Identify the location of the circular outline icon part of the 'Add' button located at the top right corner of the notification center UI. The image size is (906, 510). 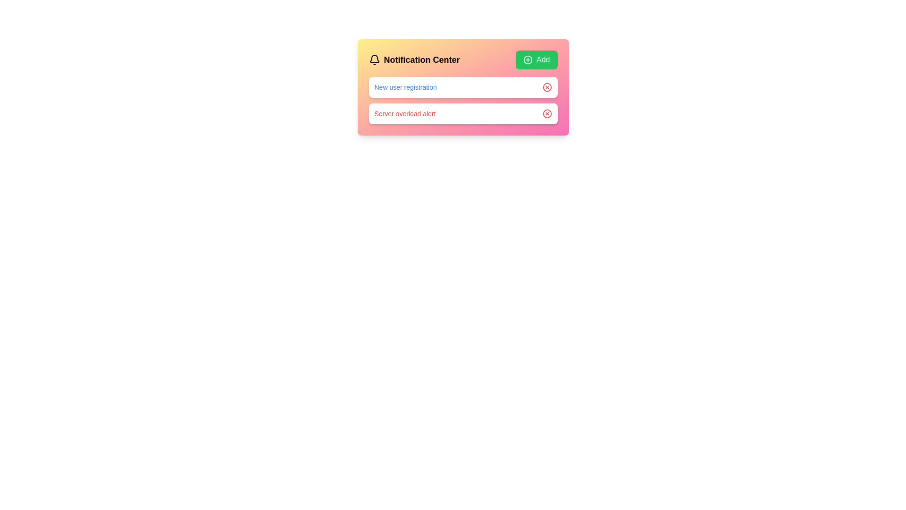
(527, 60).